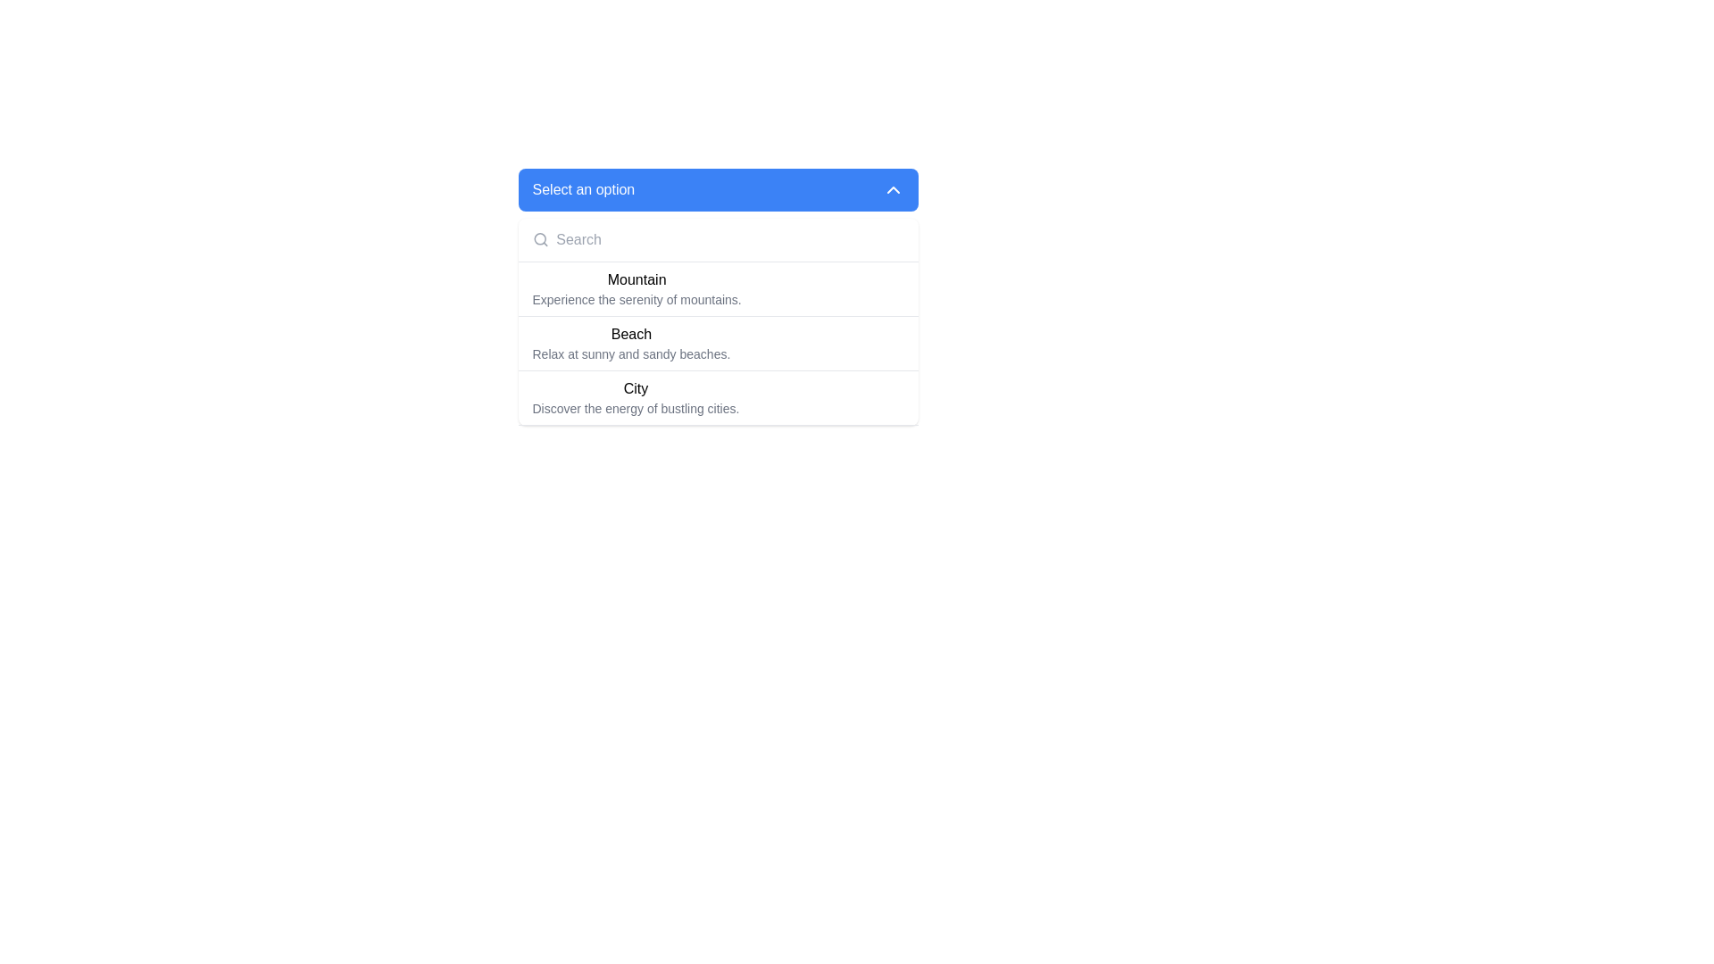 The image size is (1714, 964). Describe the element at coordinates (718, 397) in the screenshot. I see `the third menu option labeled 'City'` at that location.